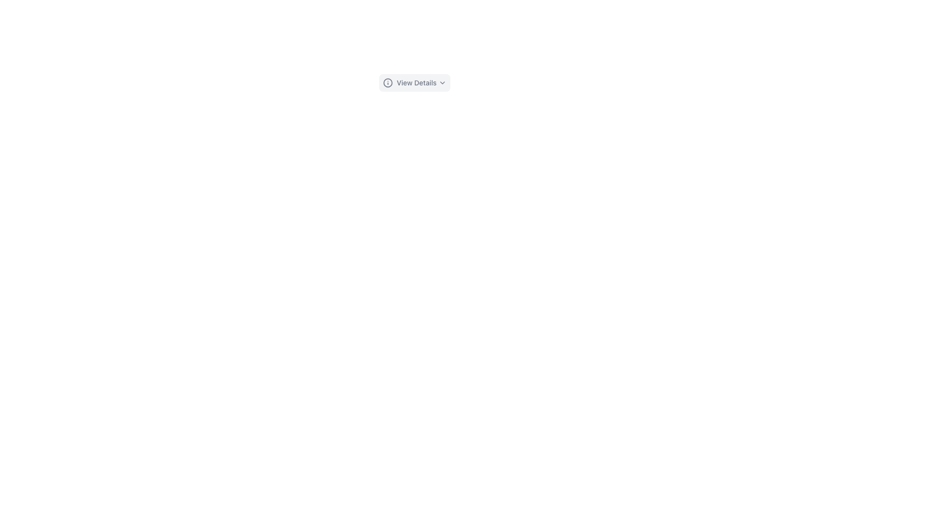  What do you see at coordinates (415, 82) in the screenshot?
I see `the button located at the top-left area of the visible interface` at bounding box center [415, 82].